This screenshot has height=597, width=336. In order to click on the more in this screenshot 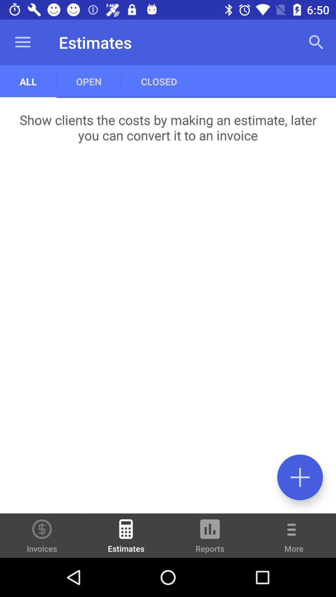, I will do `click(294, 540)`.